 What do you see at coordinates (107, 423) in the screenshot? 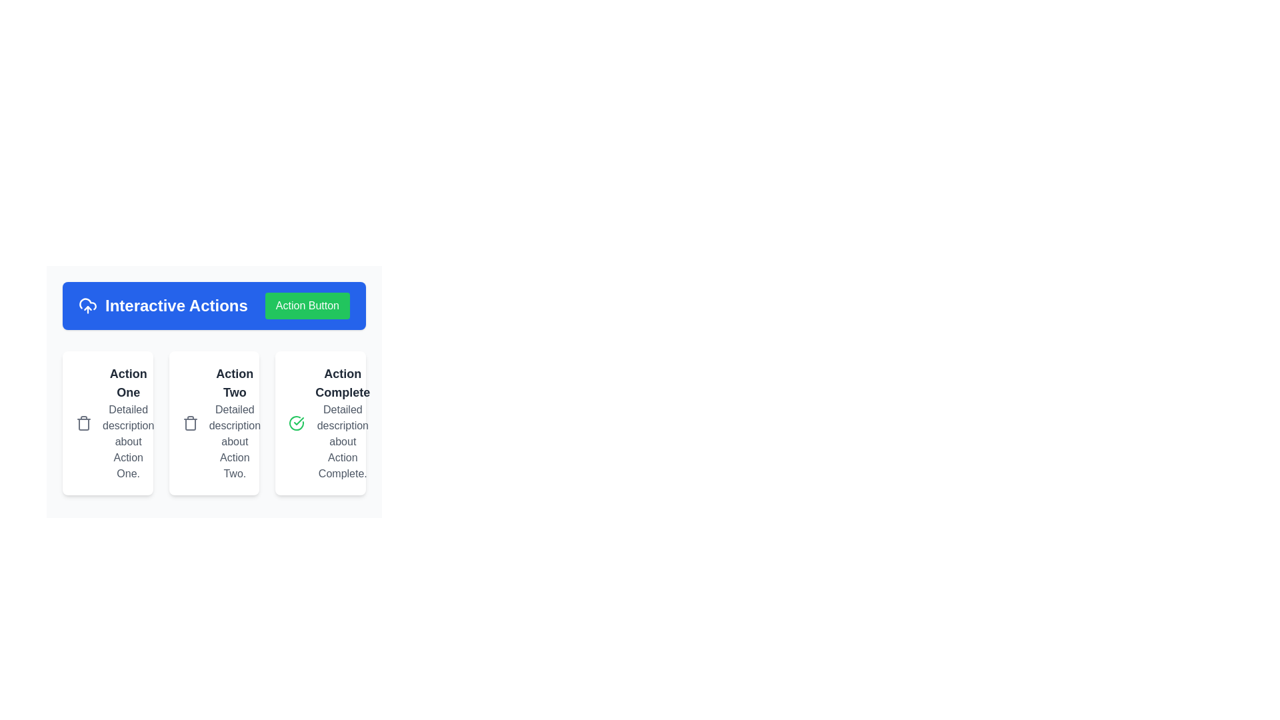
I see `the trash can icon inside the card titled 'Action One', which is the first card in a grid of three elements, located in the leftmost column below the blue header 'Interactive Actions'` at bounding box center [107, 423].